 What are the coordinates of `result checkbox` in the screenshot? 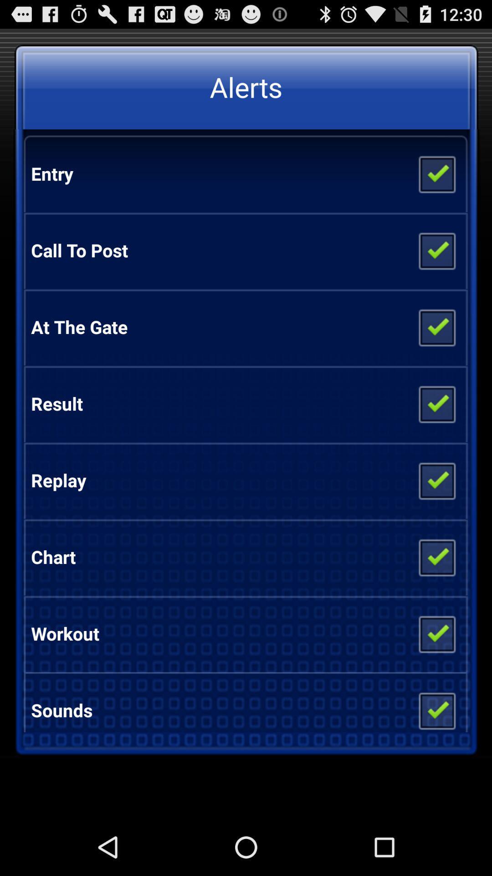 It's located at (436, 403).